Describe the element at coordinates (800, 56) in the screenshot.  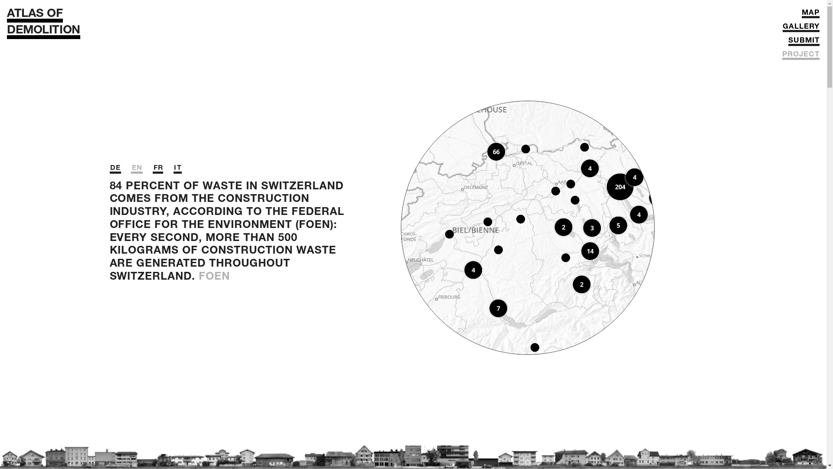
I see `'PROJECT'` at that location.